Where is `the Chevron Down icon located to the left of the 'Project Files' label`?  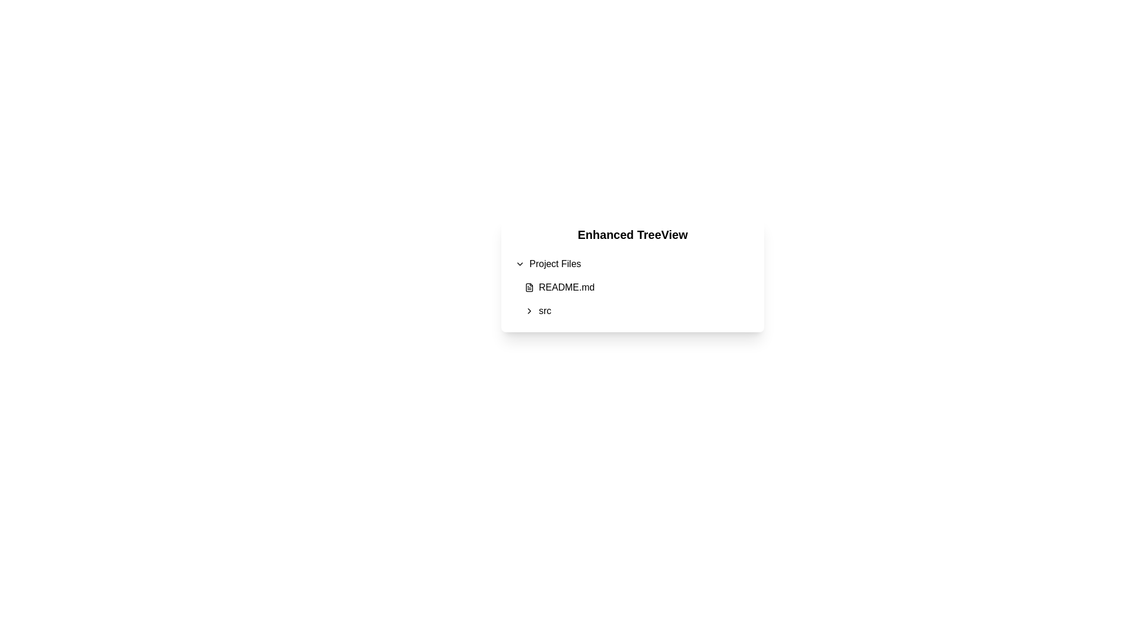
the Chevron Down icon located to the left of the 'Project Files' label is located at coordinates (519, 264).